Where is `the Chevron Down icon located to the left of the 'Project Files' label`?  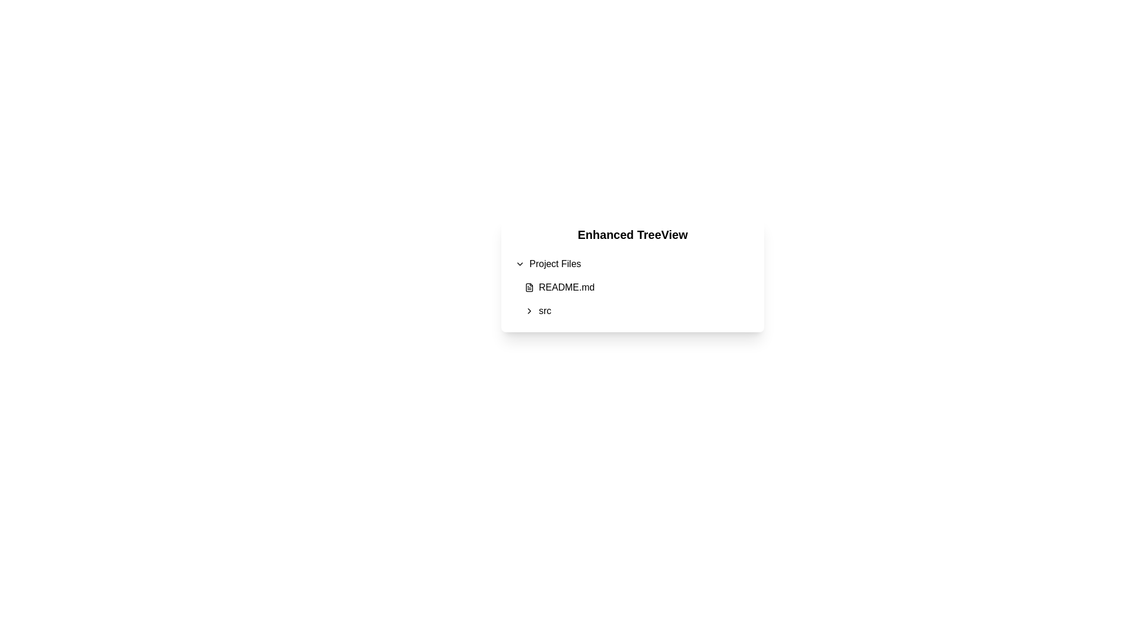
the Chevron Down icon located to the left of the 'Project Files' label is located at coordinates (519, 264).